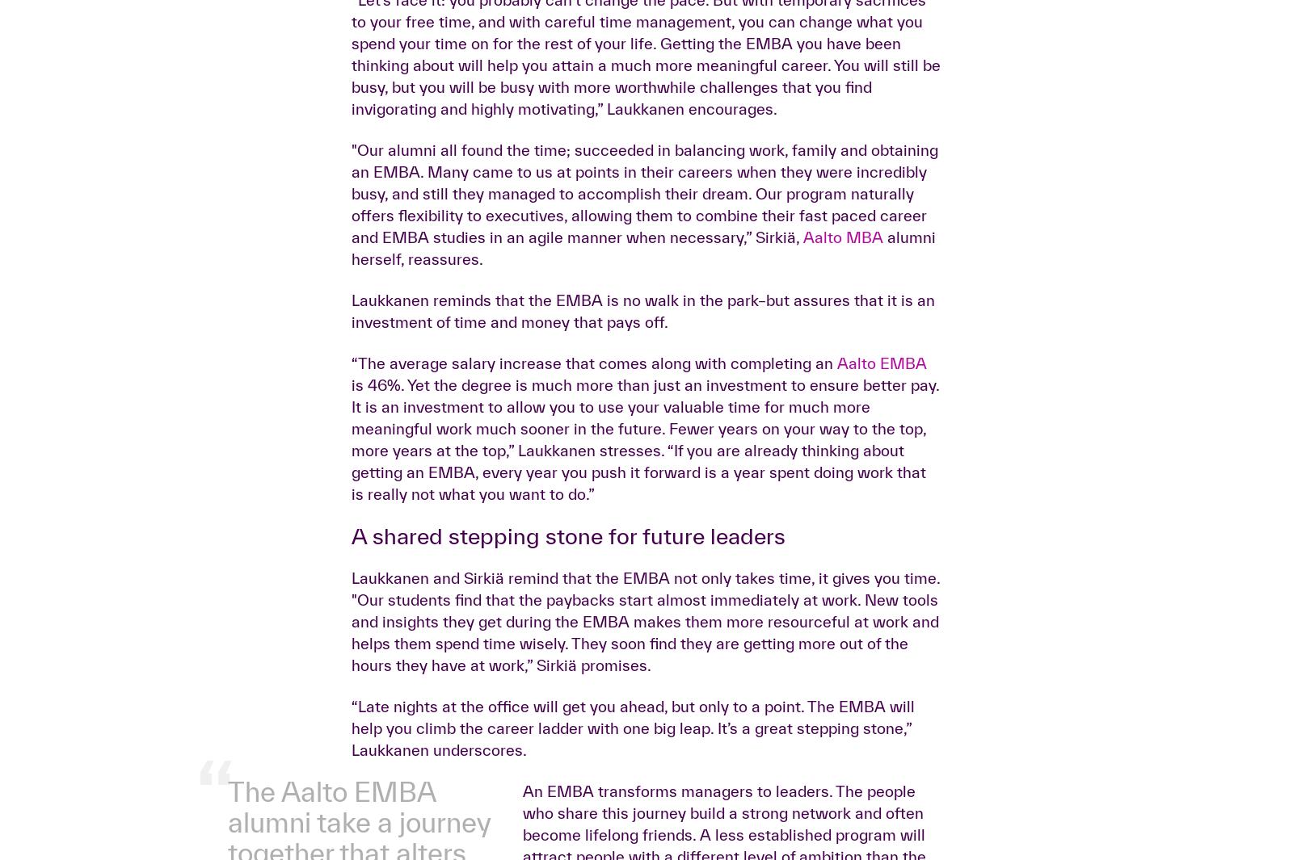  Describe the element at coordinates (843, 491) in the screenshot. I see `'Aalto MBA'` at that location.